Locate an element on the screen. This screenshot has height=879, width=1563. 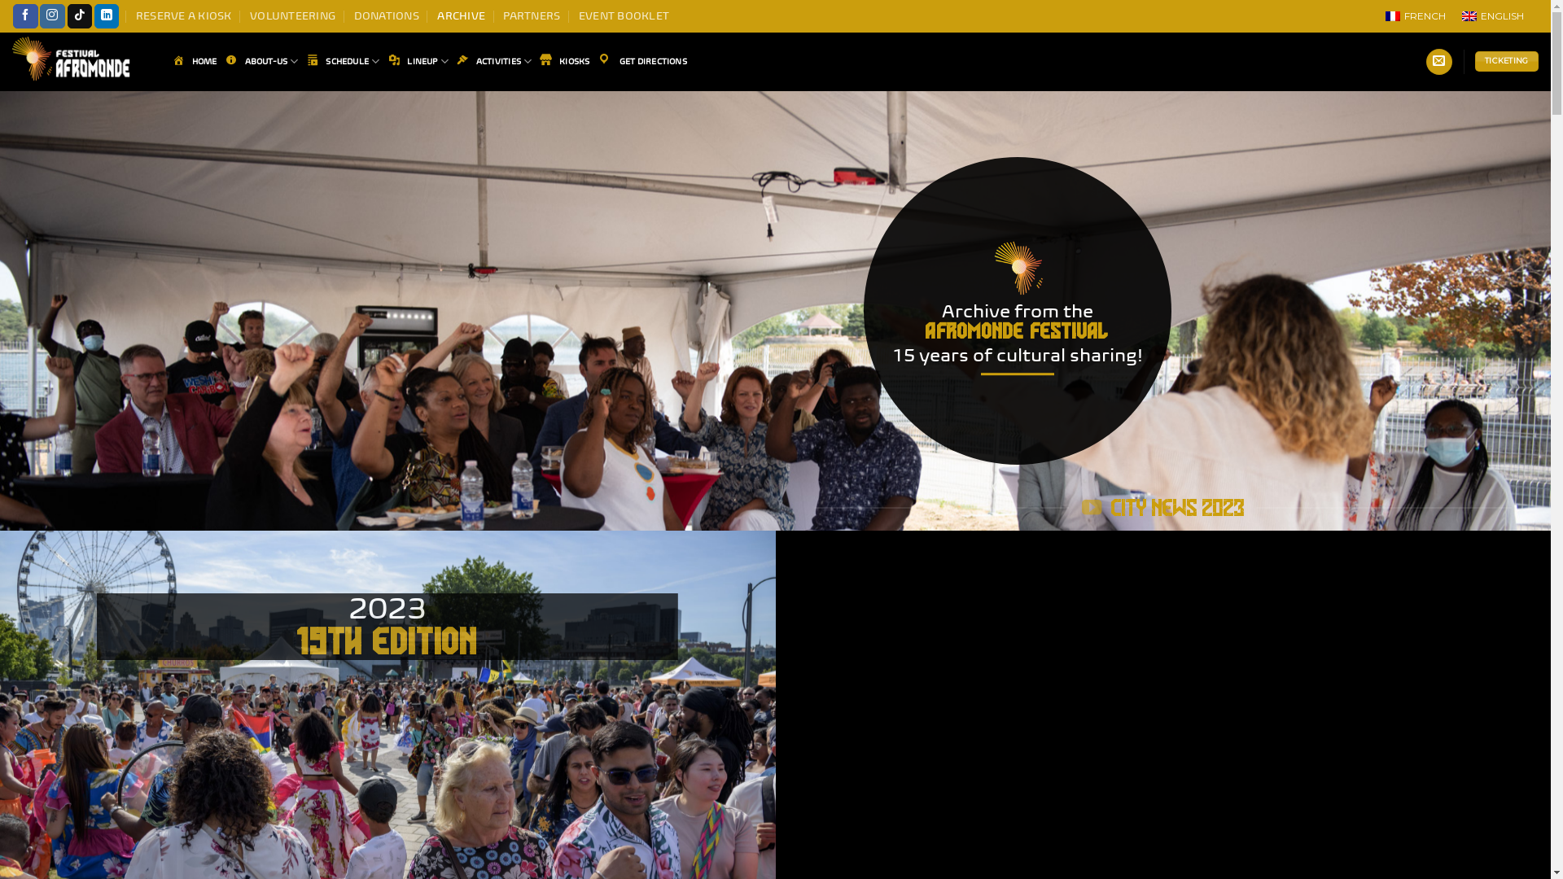
'SCHEDULE' is located at coordinates (343, 60).